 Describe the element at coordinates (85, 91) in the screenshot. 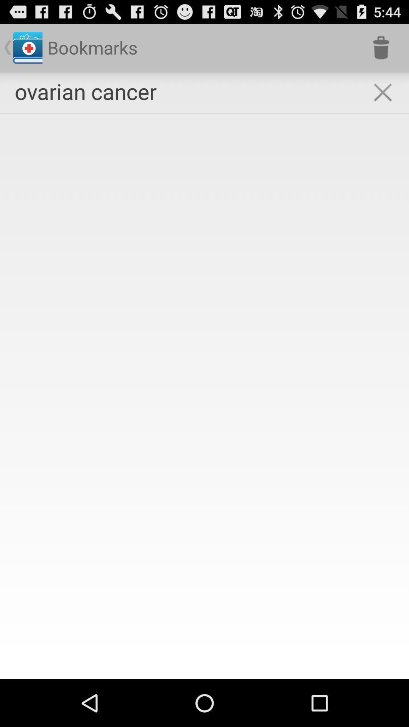

I see `ovarian cancer` at that location.